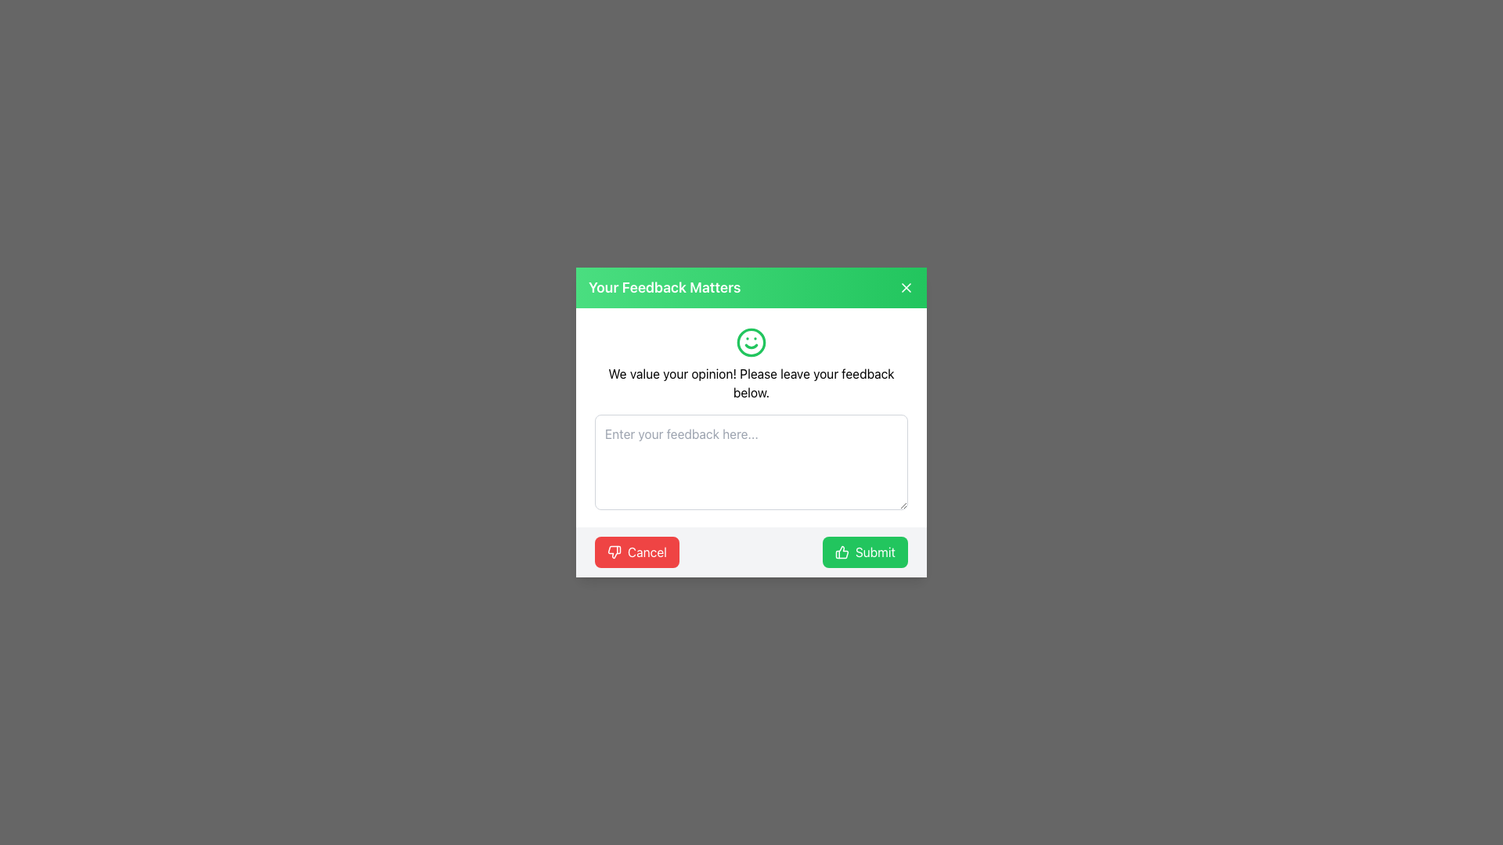 This screenshot has width=1503, height=845. Describe the element at coordinates (906, 287) in the screenshot. I see `the close button icon located` at that location.